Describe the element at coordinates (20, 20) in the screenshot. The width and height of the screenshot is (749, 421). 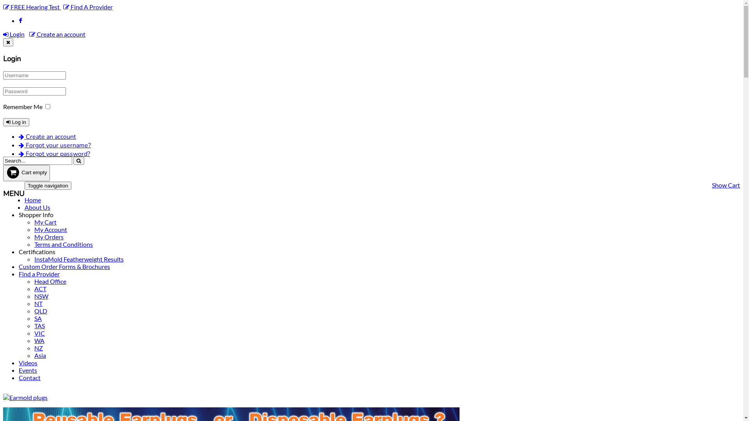
I see `'Facebook'` at that location.